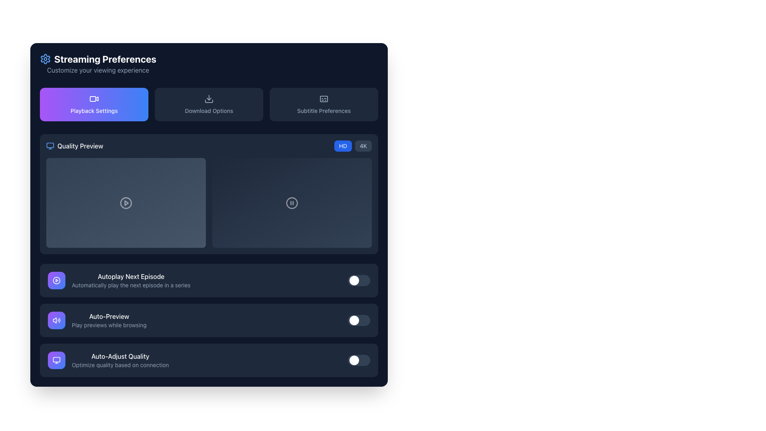  Describe the element at coordinates (324, 98) in the screenshot. I see `the closed caption SVG icon within the 'Subtitle Preferences' button` at that location.